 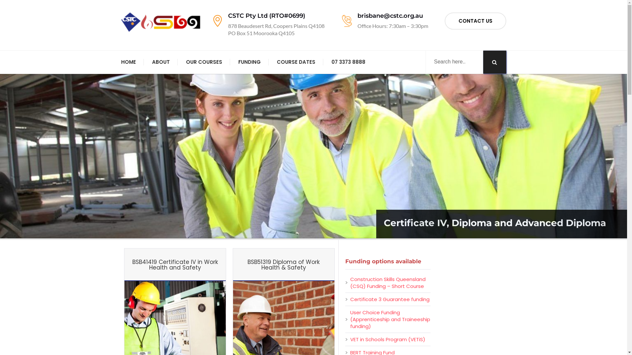 What do you see at coordinates (387, 339) in the screenshot?
I see `'VET in Schools Program (VETiS)'` at bounding box center [387, 339].